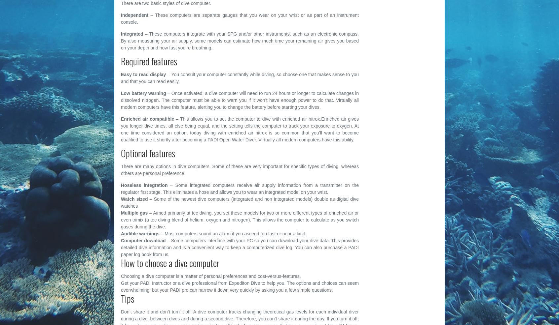  I want to click on 'Enriched air compatible', so click(147, 118).